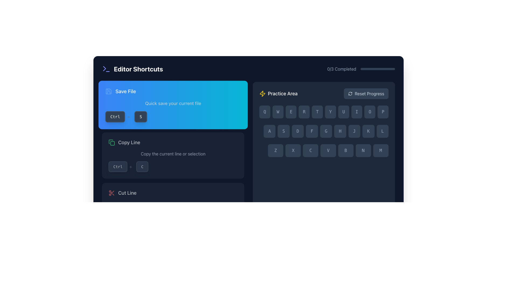  I want to click on the 'Copy Line' card-style informational component, which features a green icon, a bold title in white, a description in grey, and a keyboard shortcut display, so click(173, 155).